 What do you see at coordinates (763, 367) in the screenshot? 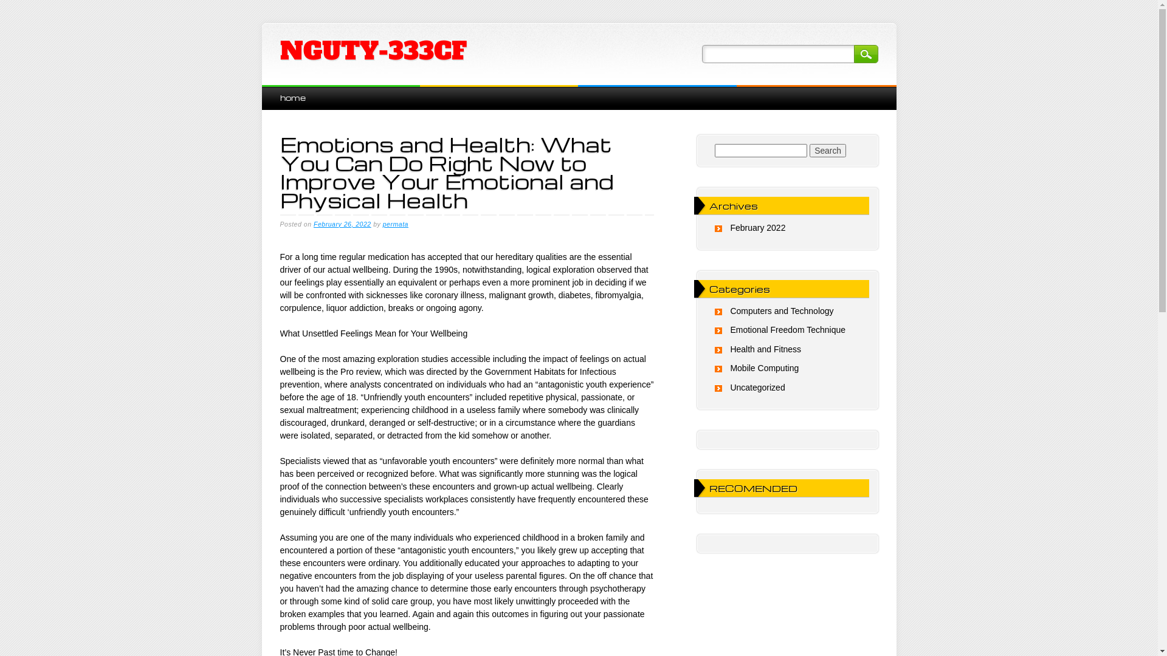
I see `'Mobile Computing'` at bounding box center [763, 367].